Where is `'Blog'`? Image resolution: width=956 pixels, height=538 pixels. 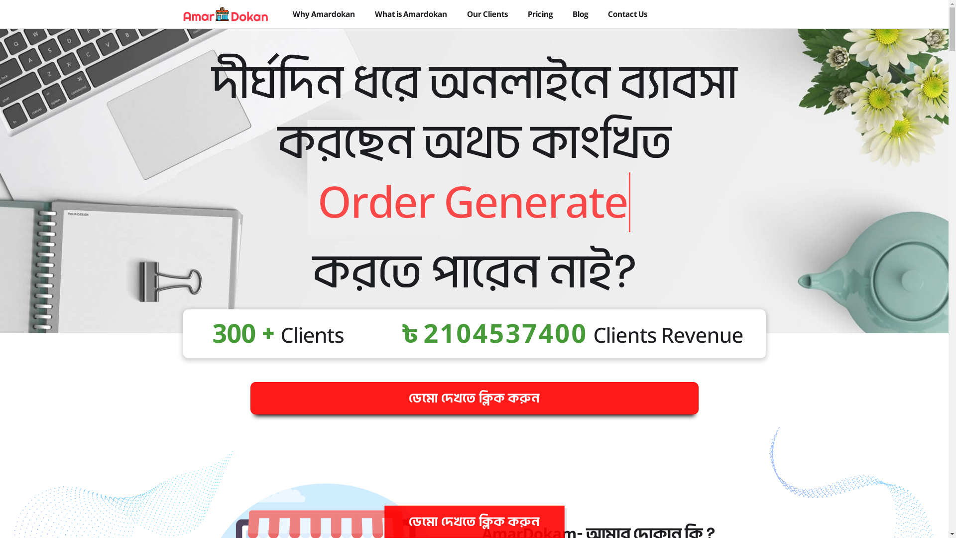
'Blog' is located at coordinates (580, 14).